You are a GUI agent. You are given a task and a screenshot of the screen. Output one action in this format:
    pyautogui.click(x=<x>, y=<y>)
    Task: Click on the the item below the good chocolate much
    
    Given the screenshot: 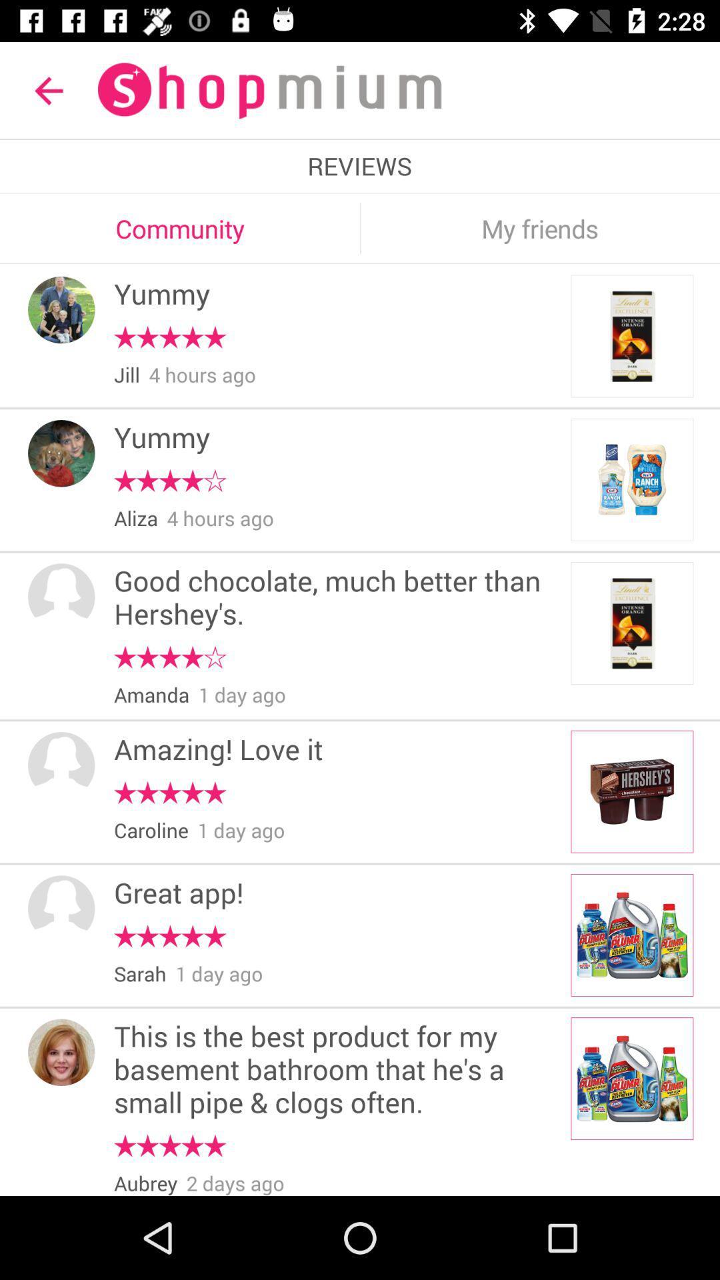 What is the action you would take?
    pyautogui.click(x=169, y=657)
    